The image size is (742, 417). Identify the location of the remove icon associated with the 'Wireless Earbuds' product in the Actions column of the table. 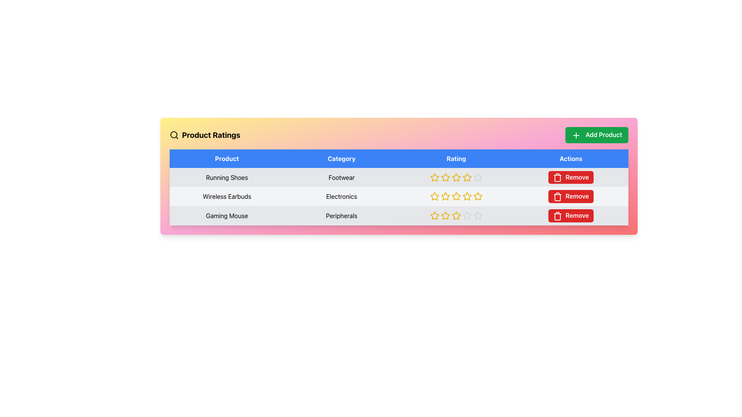
(558, 197).